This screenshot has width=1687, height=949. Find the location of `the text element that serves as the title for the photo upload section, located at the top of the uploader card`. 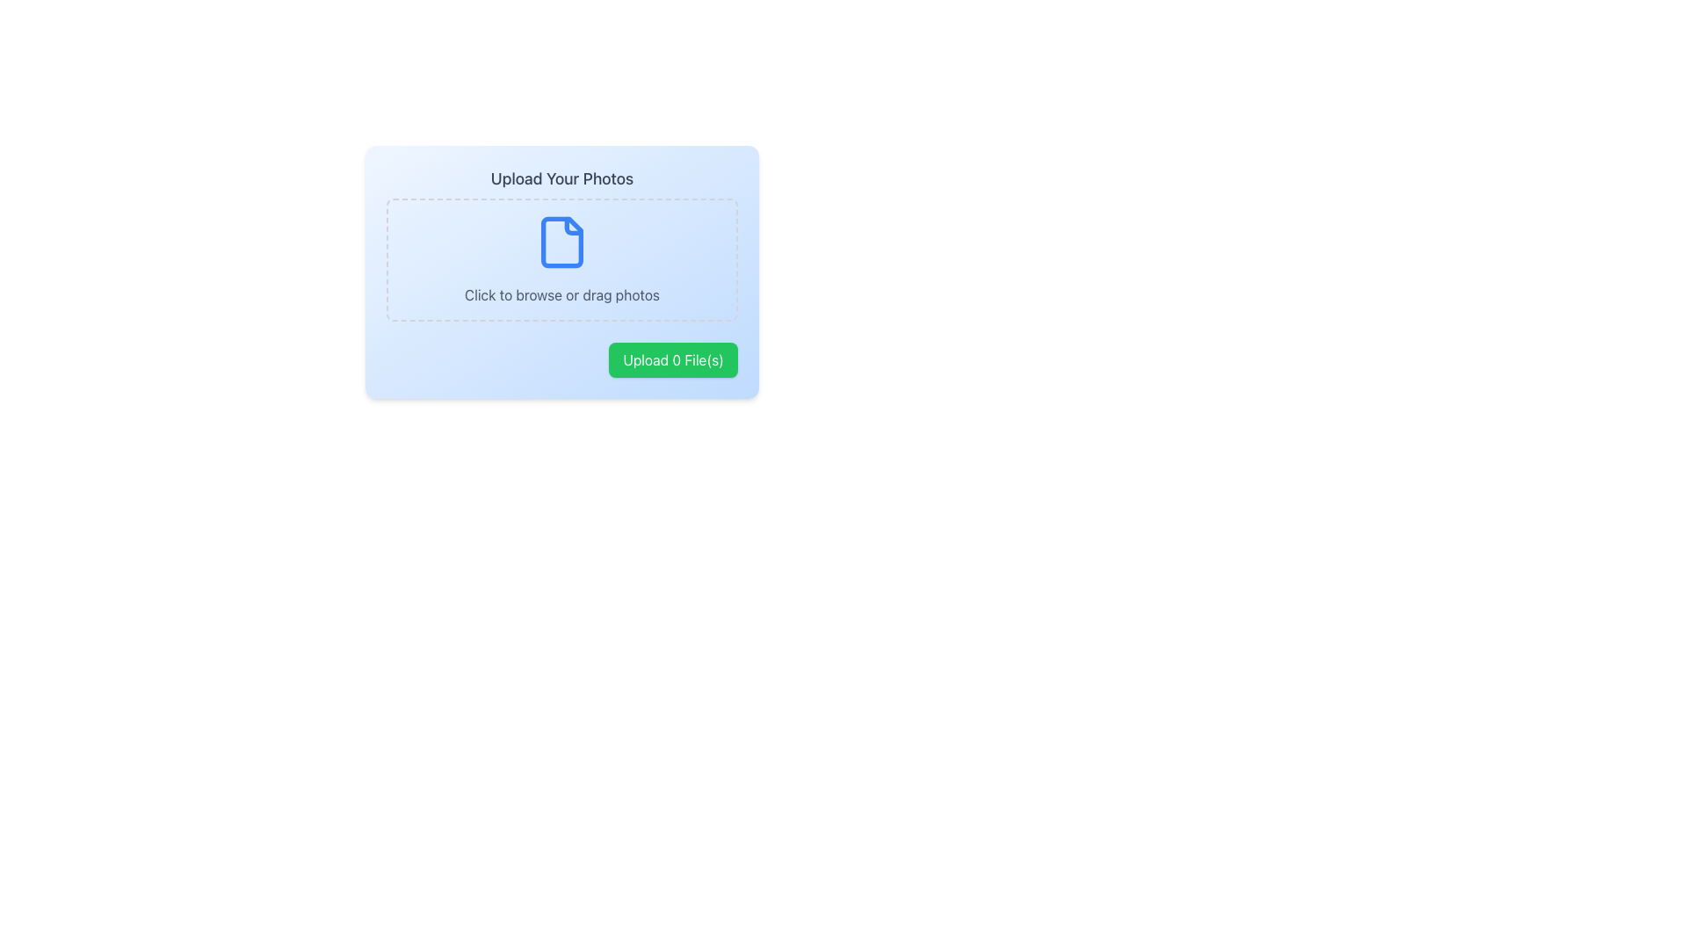

the text element that serves as the title for the photo upload section, located at the top of the uploader card is located at coordinates (561, 179).